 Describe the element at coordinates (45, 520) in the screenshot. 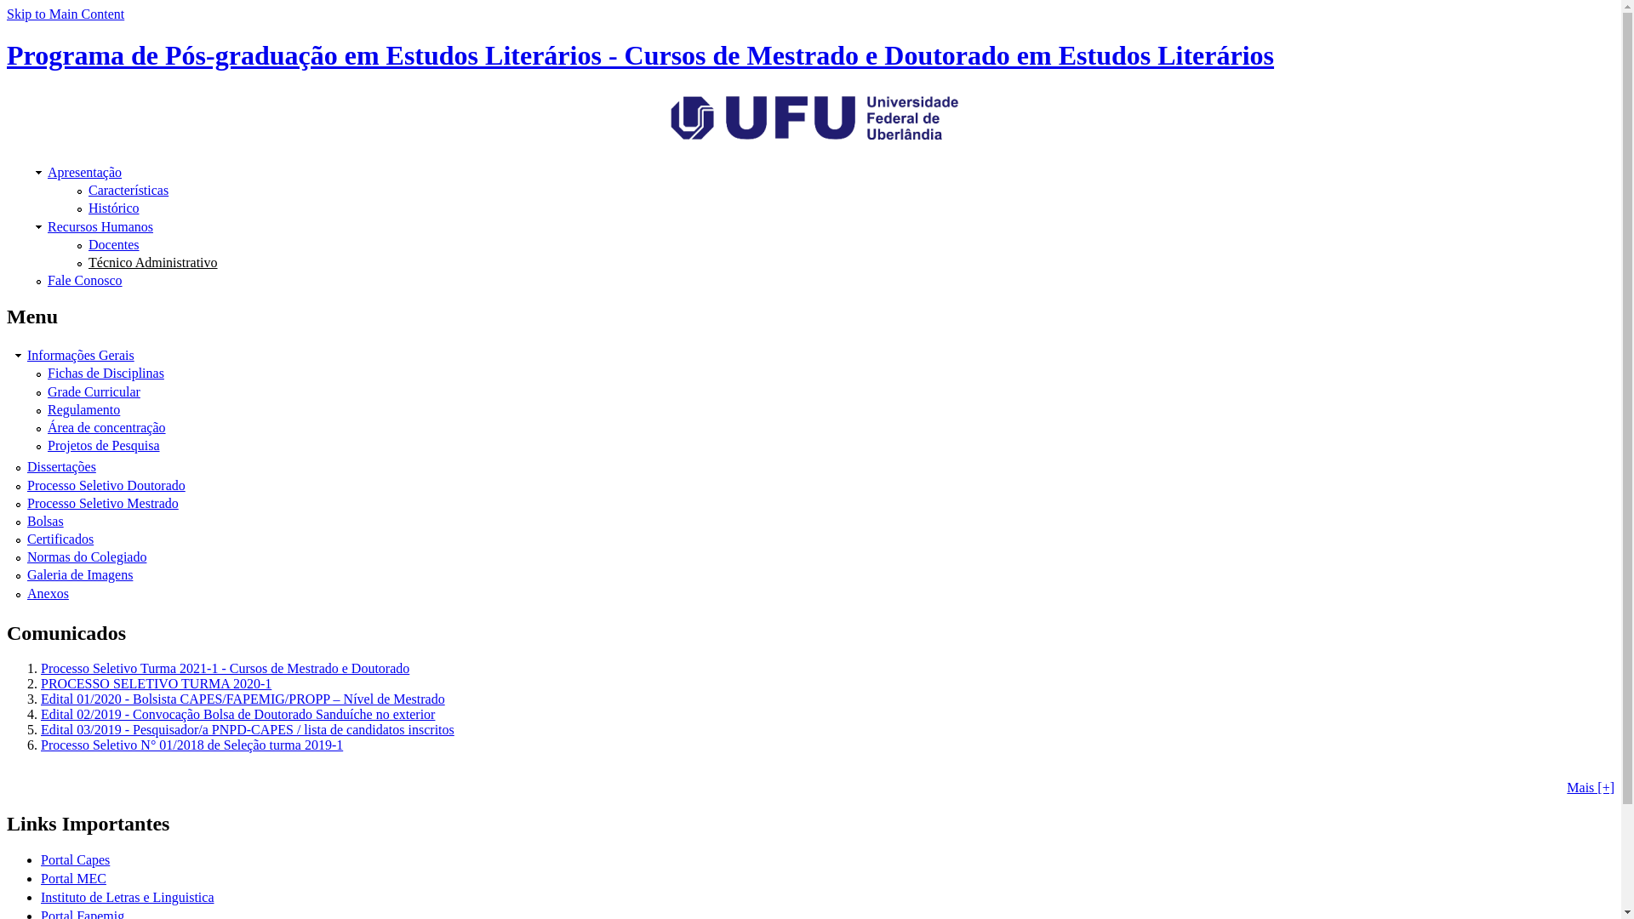

I see `'Bolsas'` at that location.